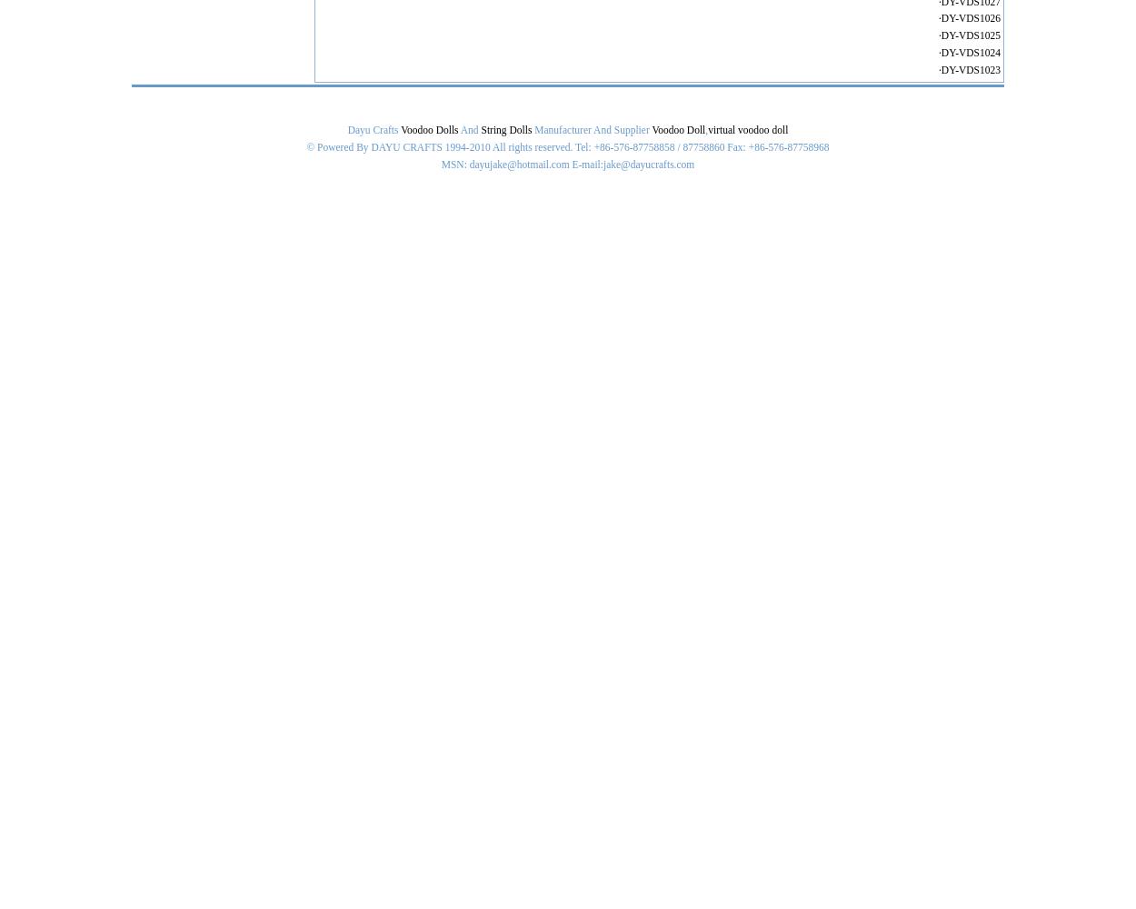  What do you see at coordinates (651, 130) in the screenshot?
I see `'Voodoo Doll'` at bounding box center [651, 130].